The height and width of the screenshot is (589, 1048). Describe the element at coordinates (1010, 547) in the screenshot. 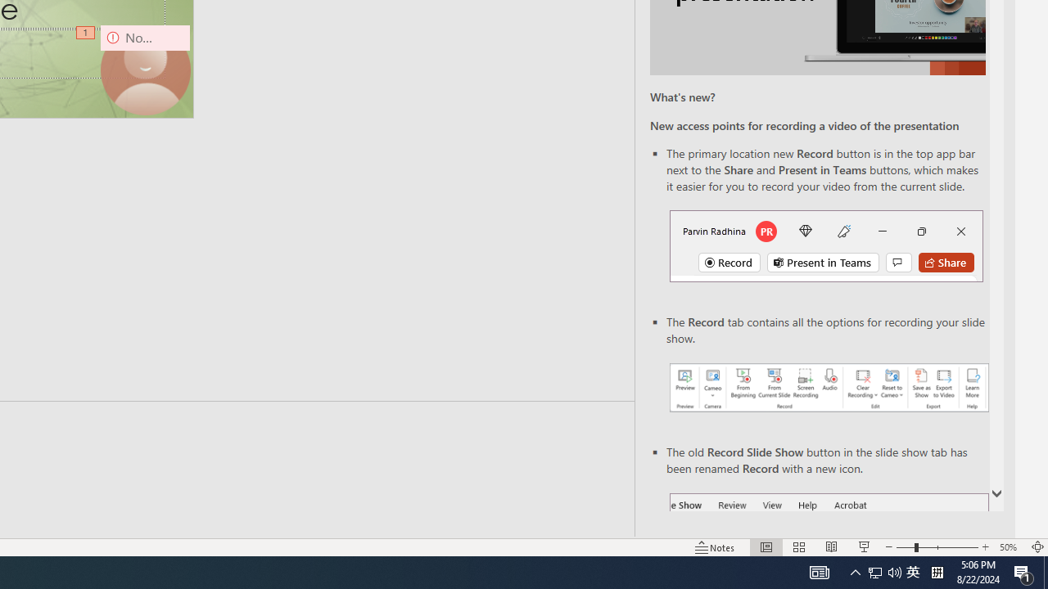

I see `'Zoom 50%'` at that location.